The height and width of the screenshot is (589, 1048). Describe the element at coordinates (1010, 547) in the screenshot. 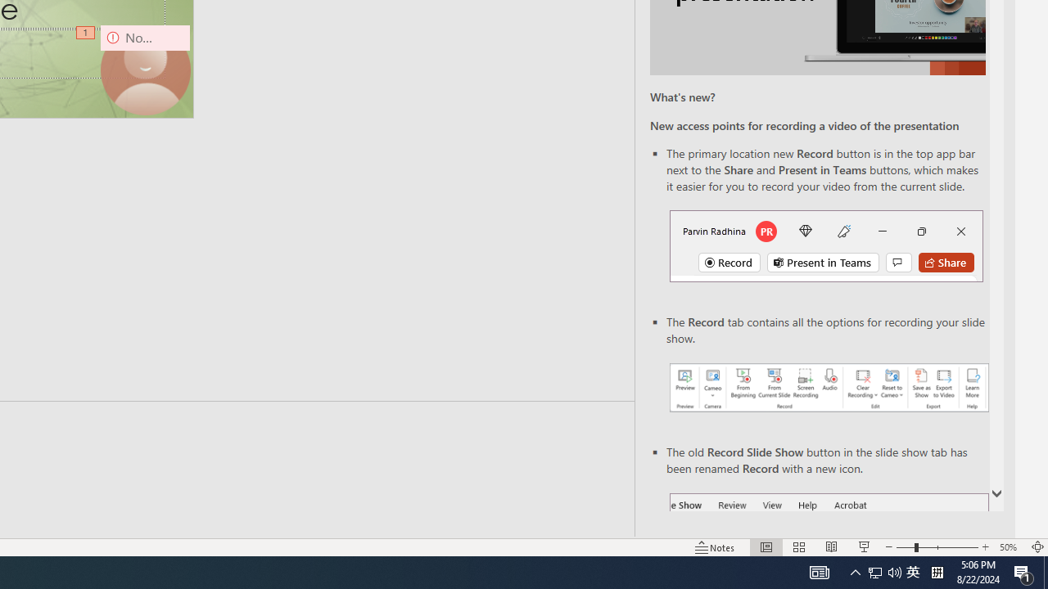

I see `'Zoom 50%'` at that location.